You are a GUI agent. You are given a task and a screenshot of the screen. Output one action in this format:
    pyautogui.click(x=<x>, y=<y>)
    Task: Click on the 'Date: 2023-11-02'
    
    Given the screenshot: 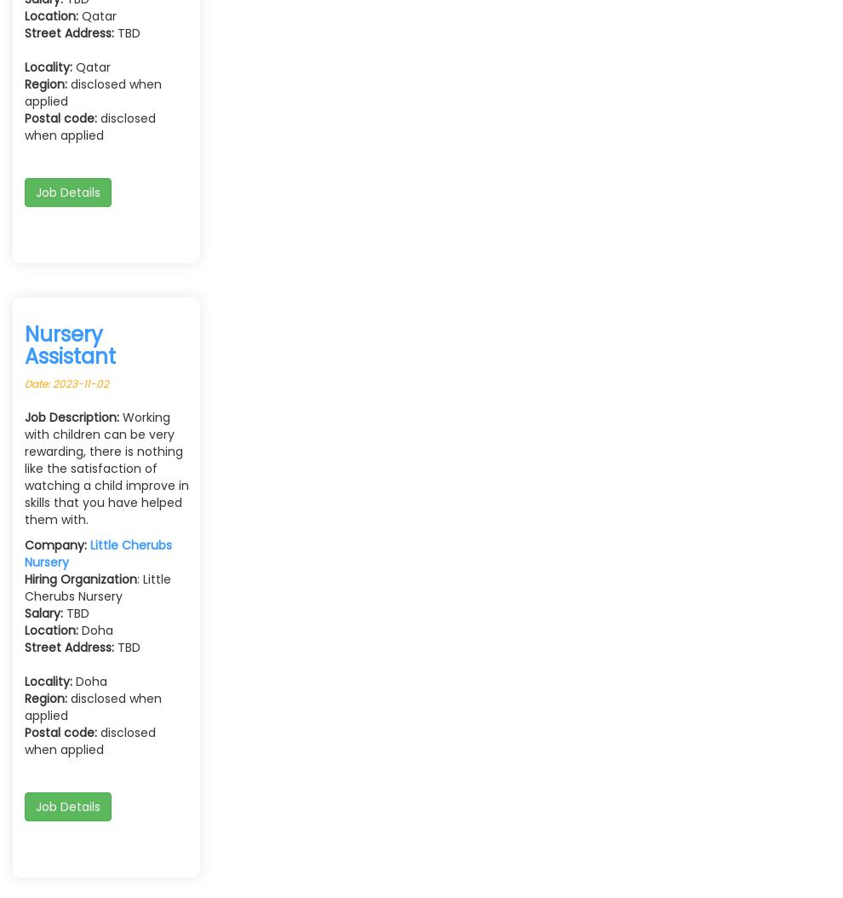 What is the action you would take?
    pyautogui.click(x=24, y=383)
    